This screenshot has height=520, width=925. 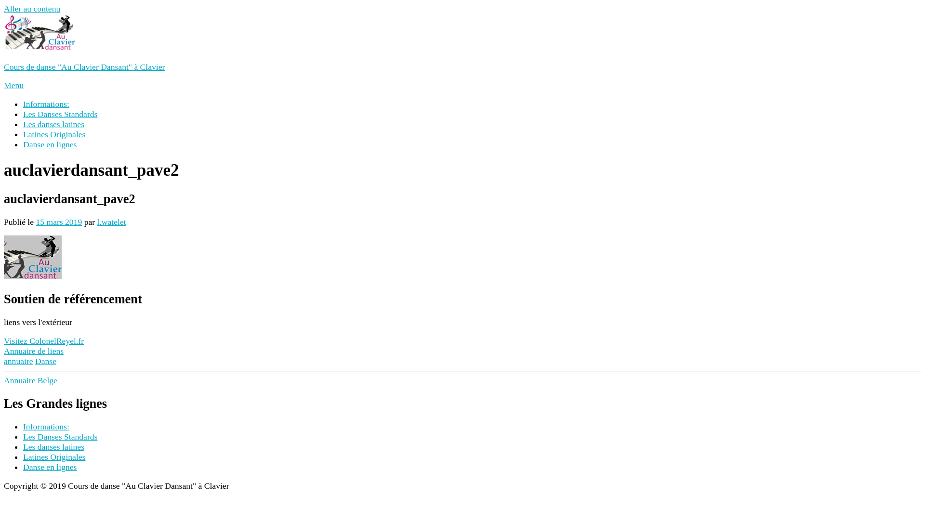 I want to click on 'Informations:', so click(x=23, y=104).